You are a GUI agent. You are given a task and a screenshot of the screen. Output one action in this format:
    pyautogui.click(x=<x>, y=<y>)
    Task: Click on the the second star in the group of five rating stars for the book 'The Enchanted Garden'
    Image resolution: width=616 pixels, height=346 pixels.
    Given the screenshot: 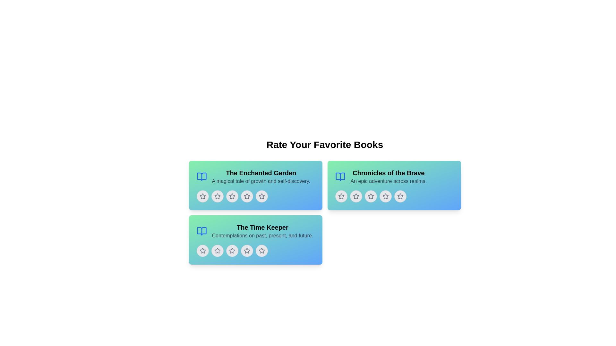 What is the action you would take?
    pyautogui.click(x=217, y=196)
    